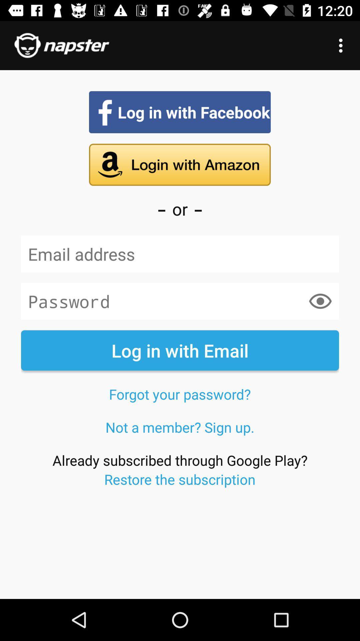  Describe the element at coordinates (180, 479) in the screenshot. I see `the restore the submission at the bottom of the page` at that location.